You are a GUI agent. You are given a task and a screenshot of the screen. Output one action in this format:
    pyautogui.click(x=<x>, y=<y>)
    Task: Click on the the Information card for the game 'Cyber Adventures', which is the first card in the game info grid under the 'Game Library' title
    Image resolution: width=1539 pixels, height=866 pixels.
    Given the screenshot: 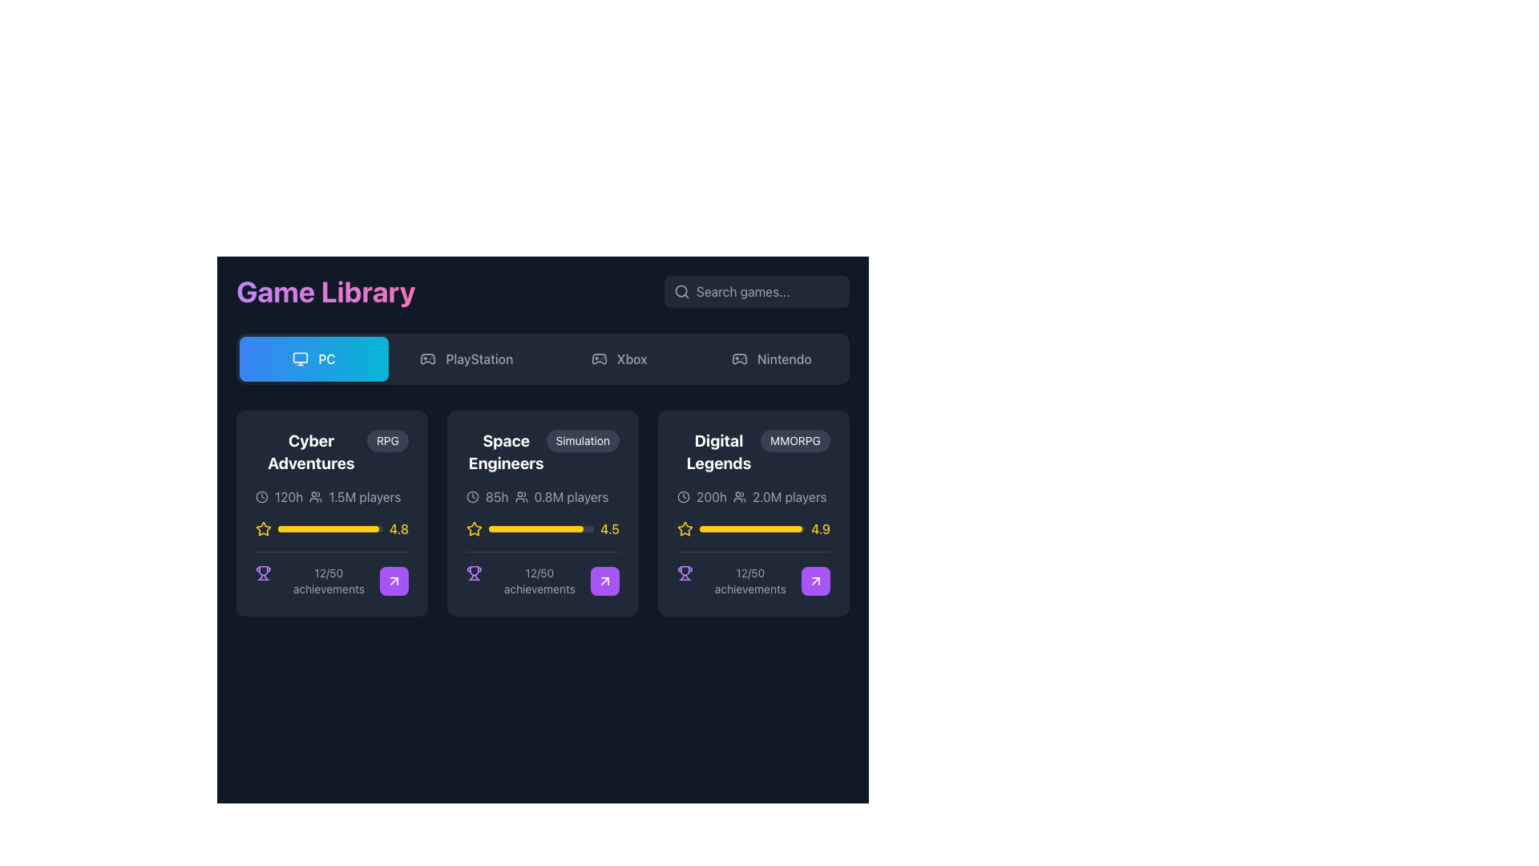 What is the action you would take?
    pyautogui.click(x=331, y=513)
    